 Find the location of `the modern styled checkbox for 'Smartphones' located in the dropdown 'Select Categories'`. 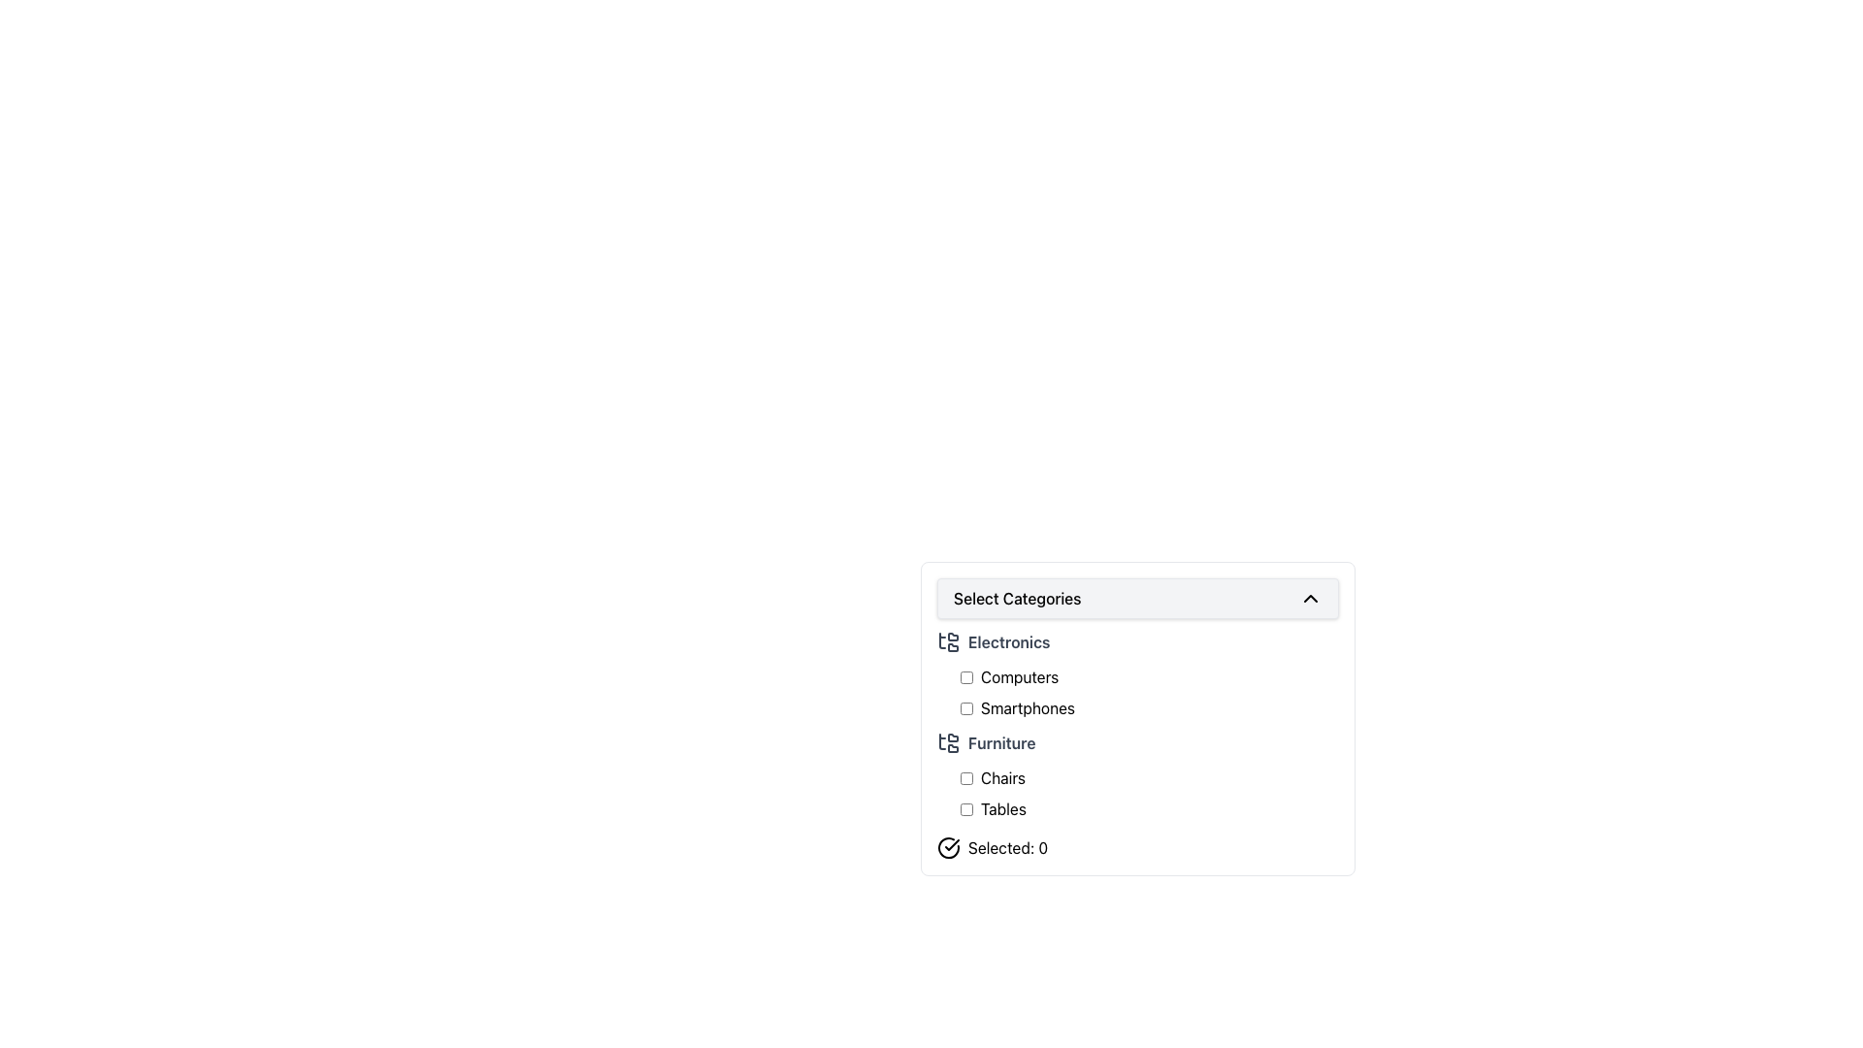

the modern styled checkbox for 'Smartphones' located in the dropdown 'Select Categories' is located at coordinates (966, 707).